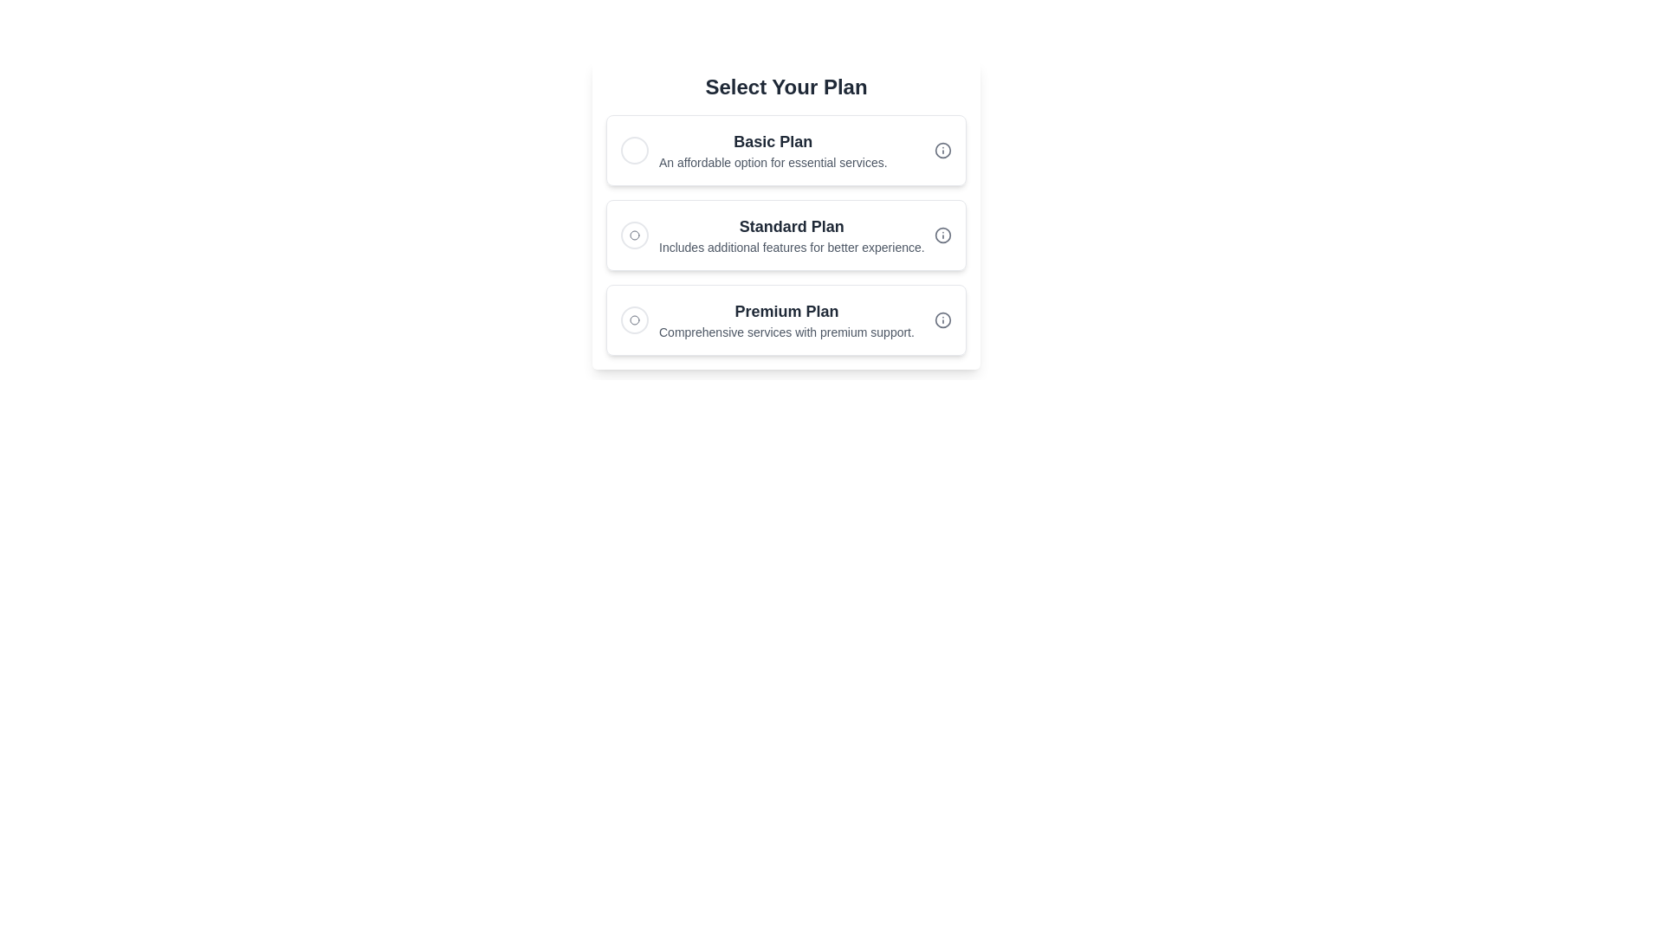 This screenshot has height=935, width=1663. What do you see at coordinates (791, 247) in the screenshot?
I see `the descriptive text element located below the 'Standard Plan' title, which provides additional context for the selection` at bounding box center [791, 247].